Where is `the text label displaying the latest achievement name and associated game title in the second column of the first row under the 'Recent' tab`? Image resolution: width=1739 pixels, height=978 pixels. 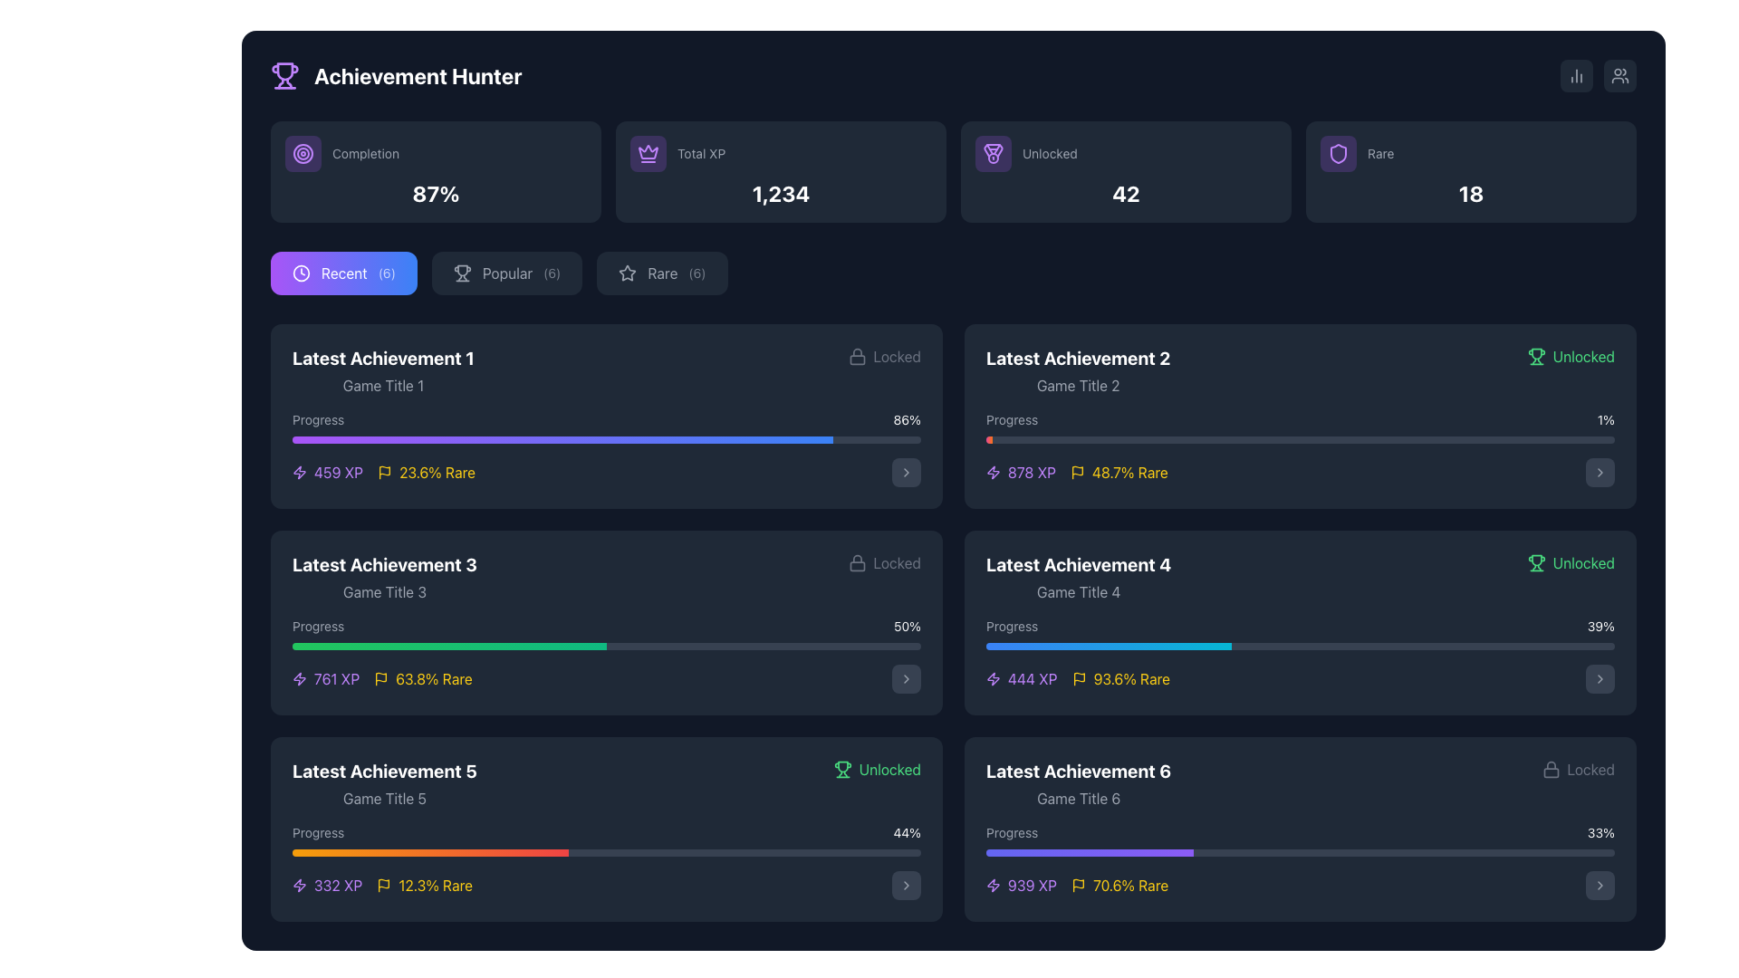 the text label displaying the latest achievement name and associated game title in the second column of the first row under the 'Recent' tab is located at coordinates (1078, 369).